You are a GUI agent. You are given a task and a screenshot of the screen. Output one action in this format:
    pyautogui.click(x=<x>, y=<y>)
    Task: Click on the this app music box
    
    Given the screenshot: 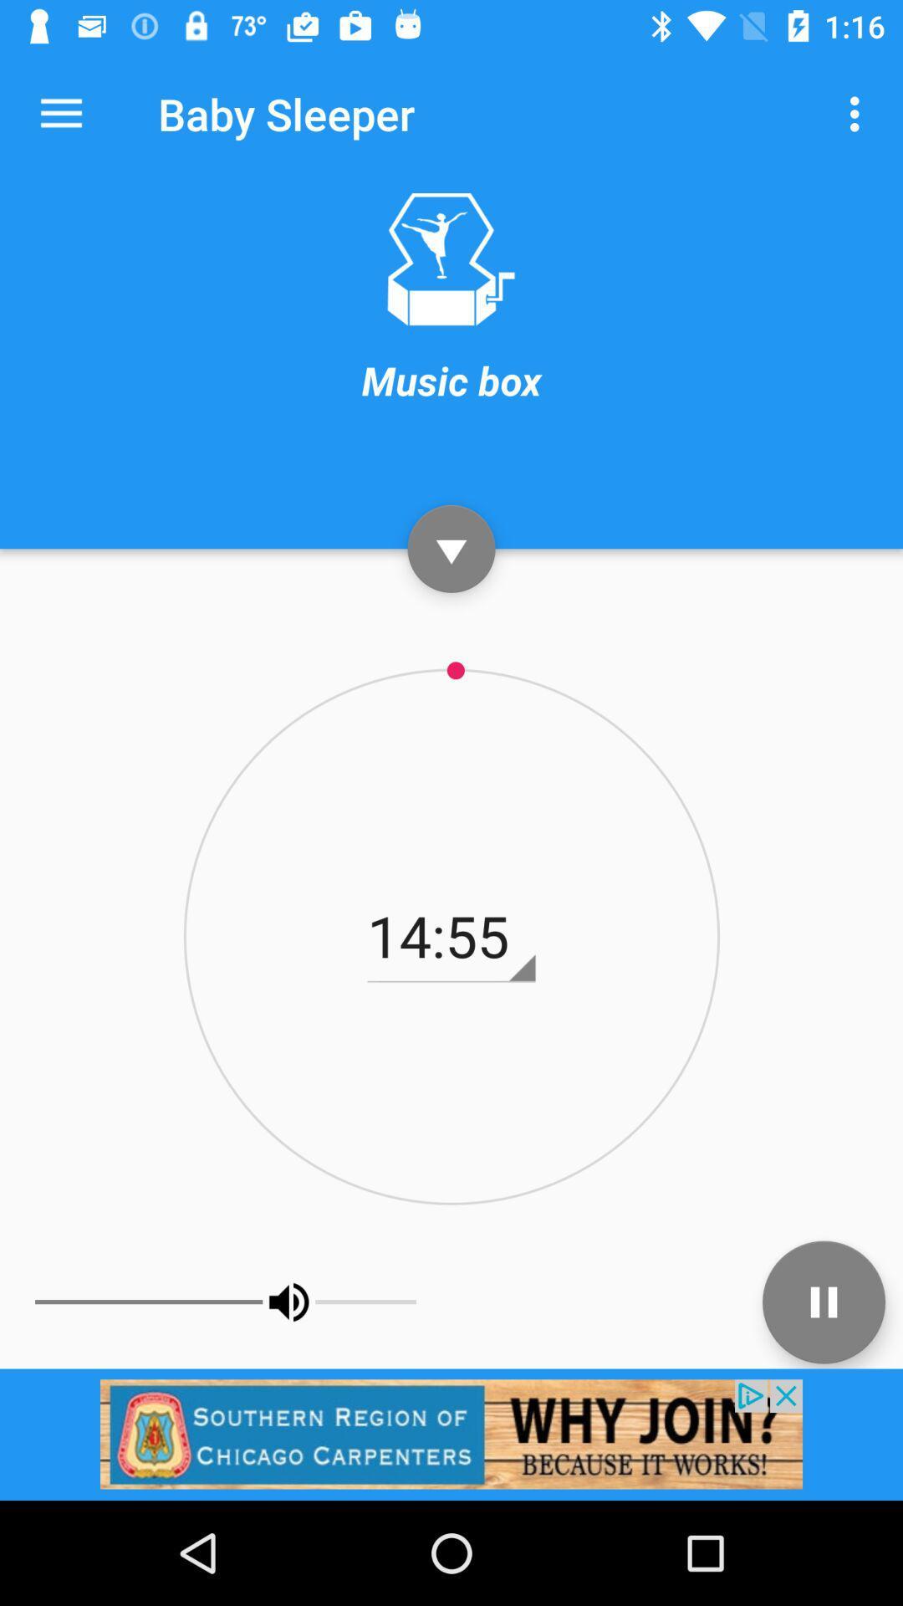 What is the action you would take?
    pyautogui.click(x=450, y=258)
    